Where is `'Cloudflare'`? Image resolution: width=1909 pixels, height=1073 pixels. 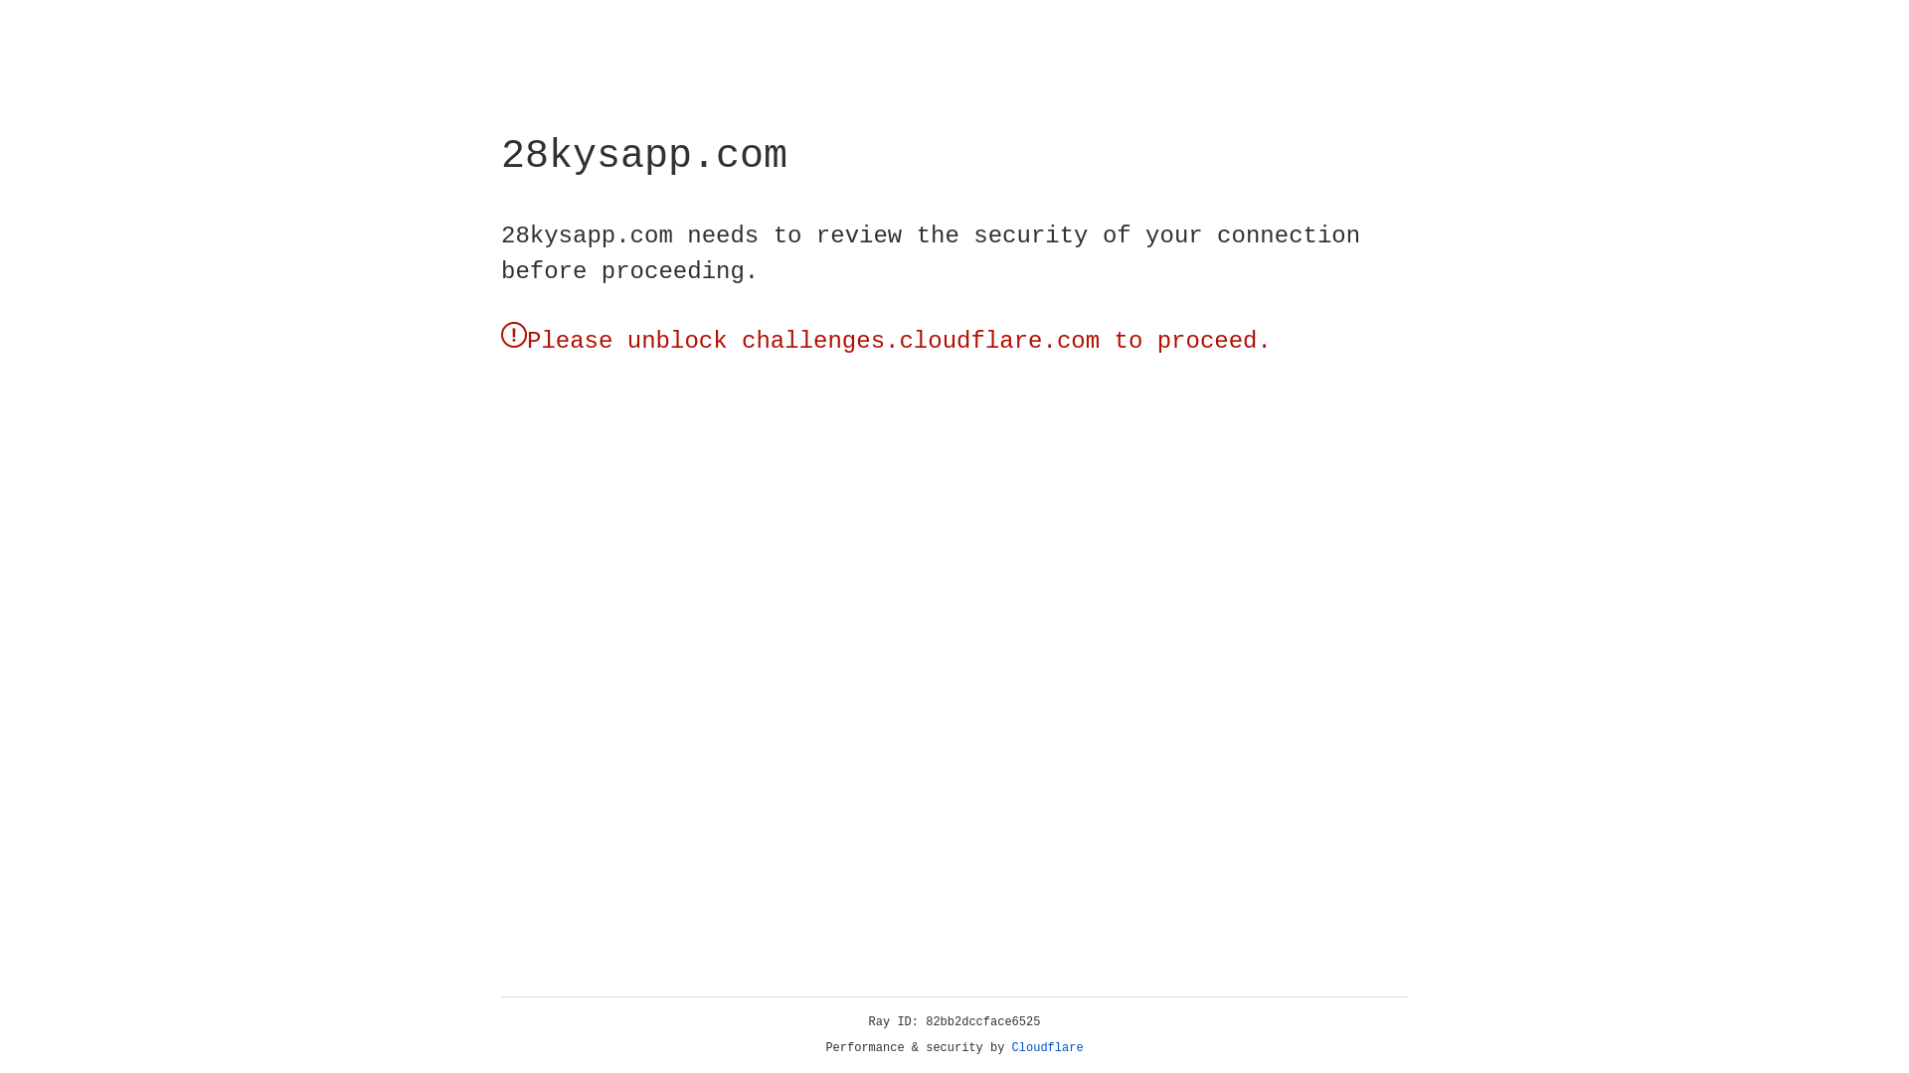 'Cloudflare' is located at coordinates (1047, 1047).